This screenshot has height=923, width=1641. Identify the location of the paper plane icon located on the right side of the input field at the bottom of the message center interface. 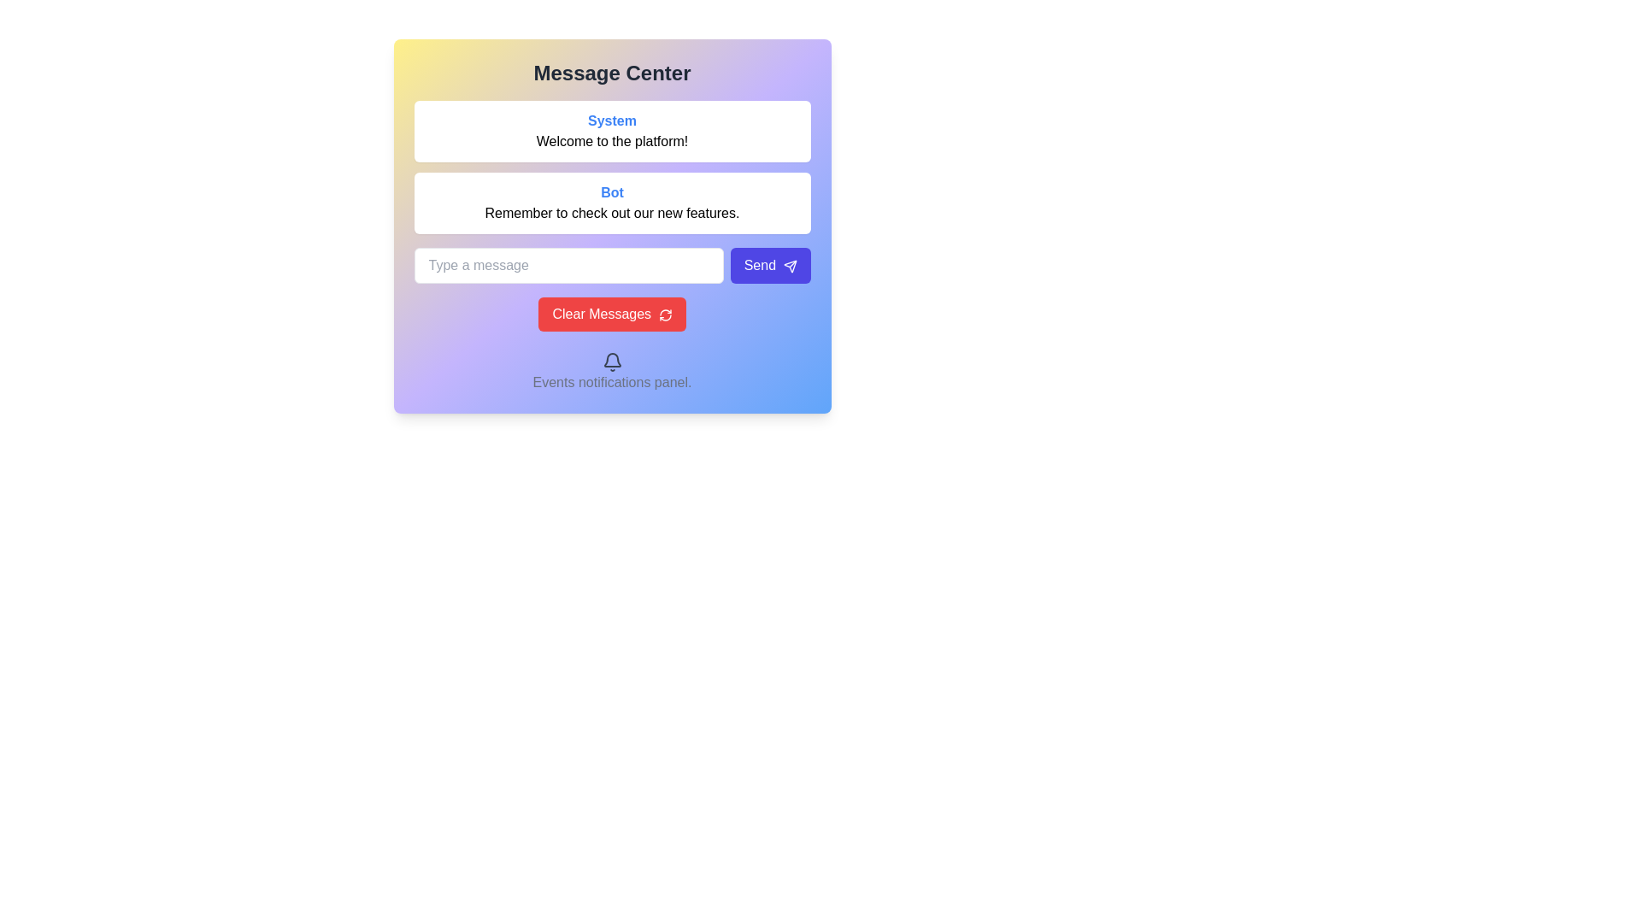
(789, 266).